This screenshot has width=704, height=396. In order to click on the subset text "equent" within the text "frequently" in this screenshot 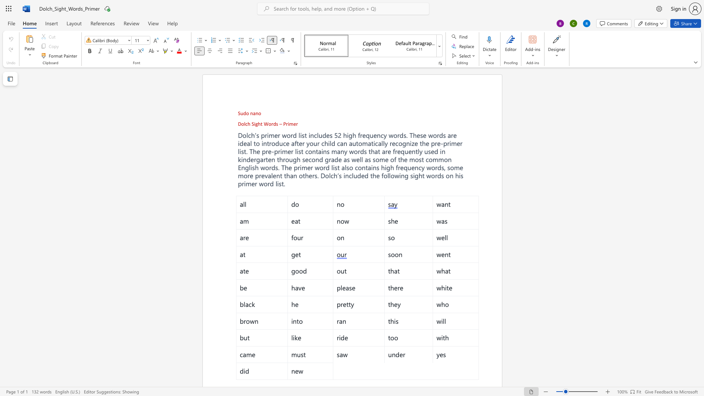, I will do `click(397, 151)`.